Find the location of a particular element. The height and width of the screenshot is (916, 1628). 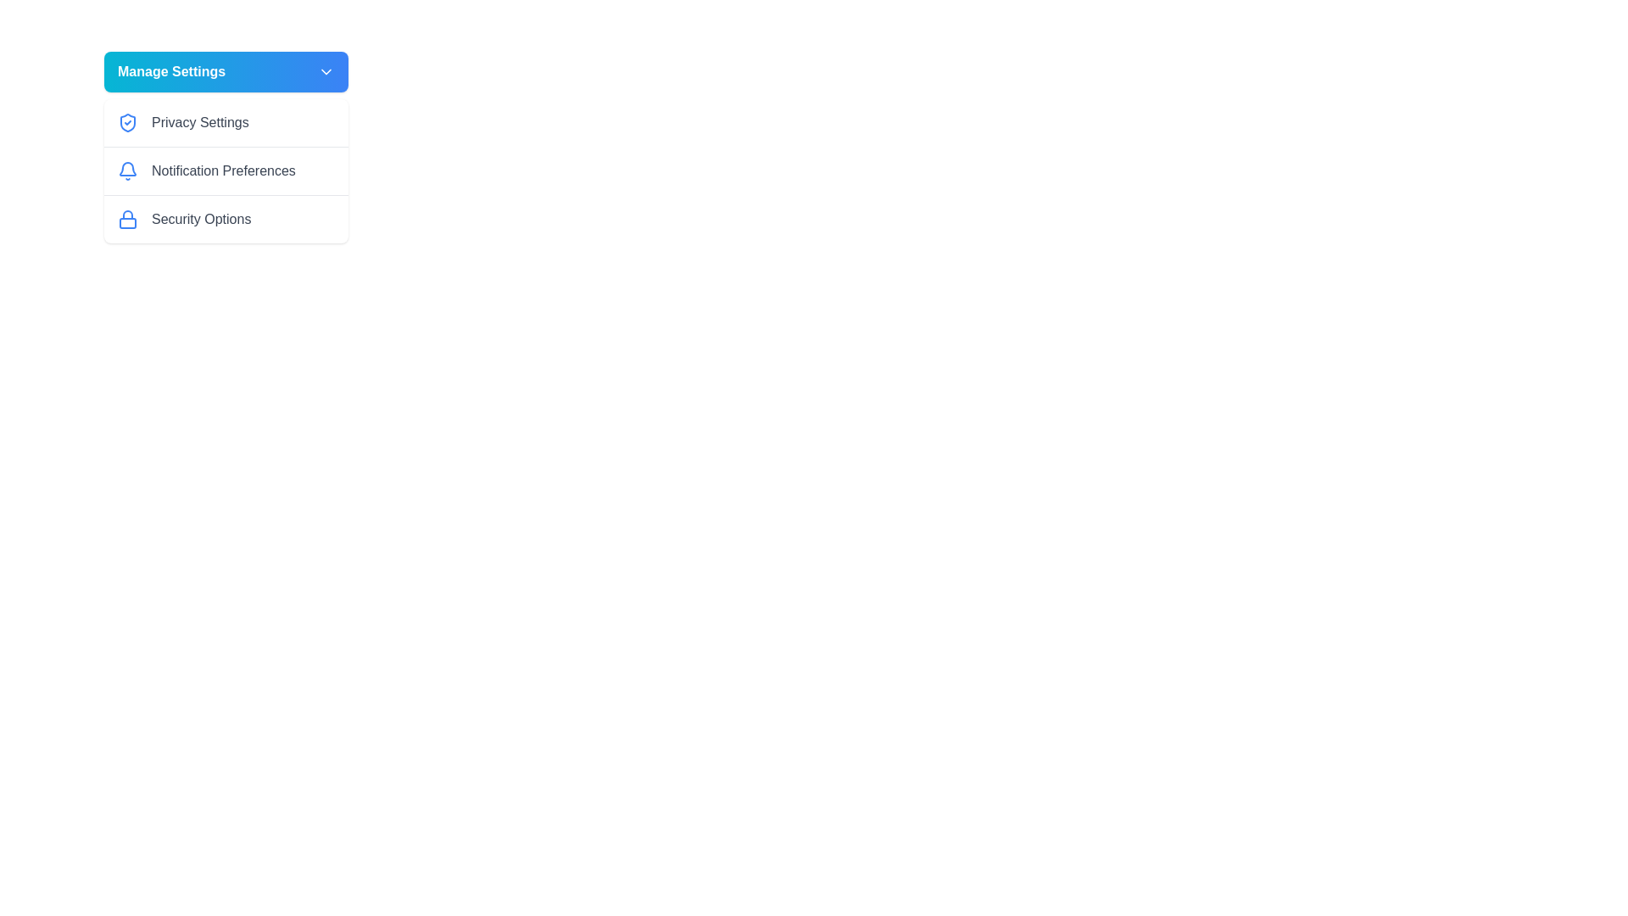

the 'Notification Preferences' dropdown menu item is located at coordinates (226, 170).